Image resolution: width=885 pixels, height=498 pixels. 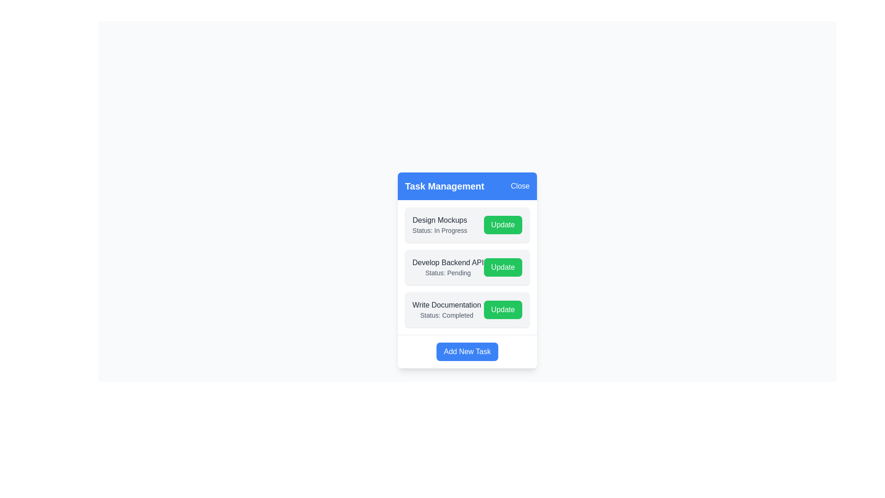 I want to click on 'Update' button for the task 'Design Mockups', so click(x=502, y=225).